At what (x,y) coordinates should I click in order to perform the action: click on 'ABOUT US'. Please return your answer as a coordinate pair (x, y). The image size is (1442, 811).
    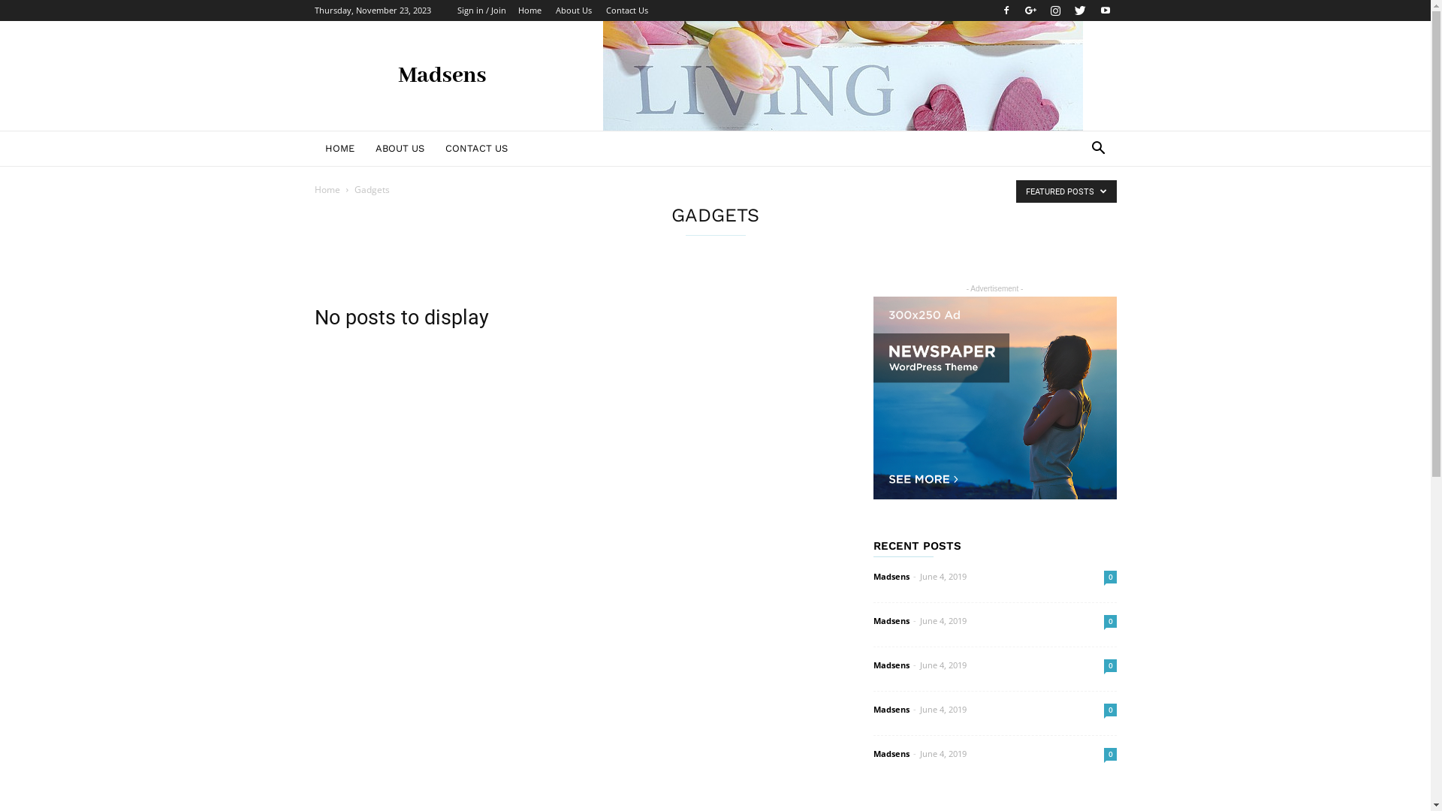
    Looking at the image, I should click on (400, 148).